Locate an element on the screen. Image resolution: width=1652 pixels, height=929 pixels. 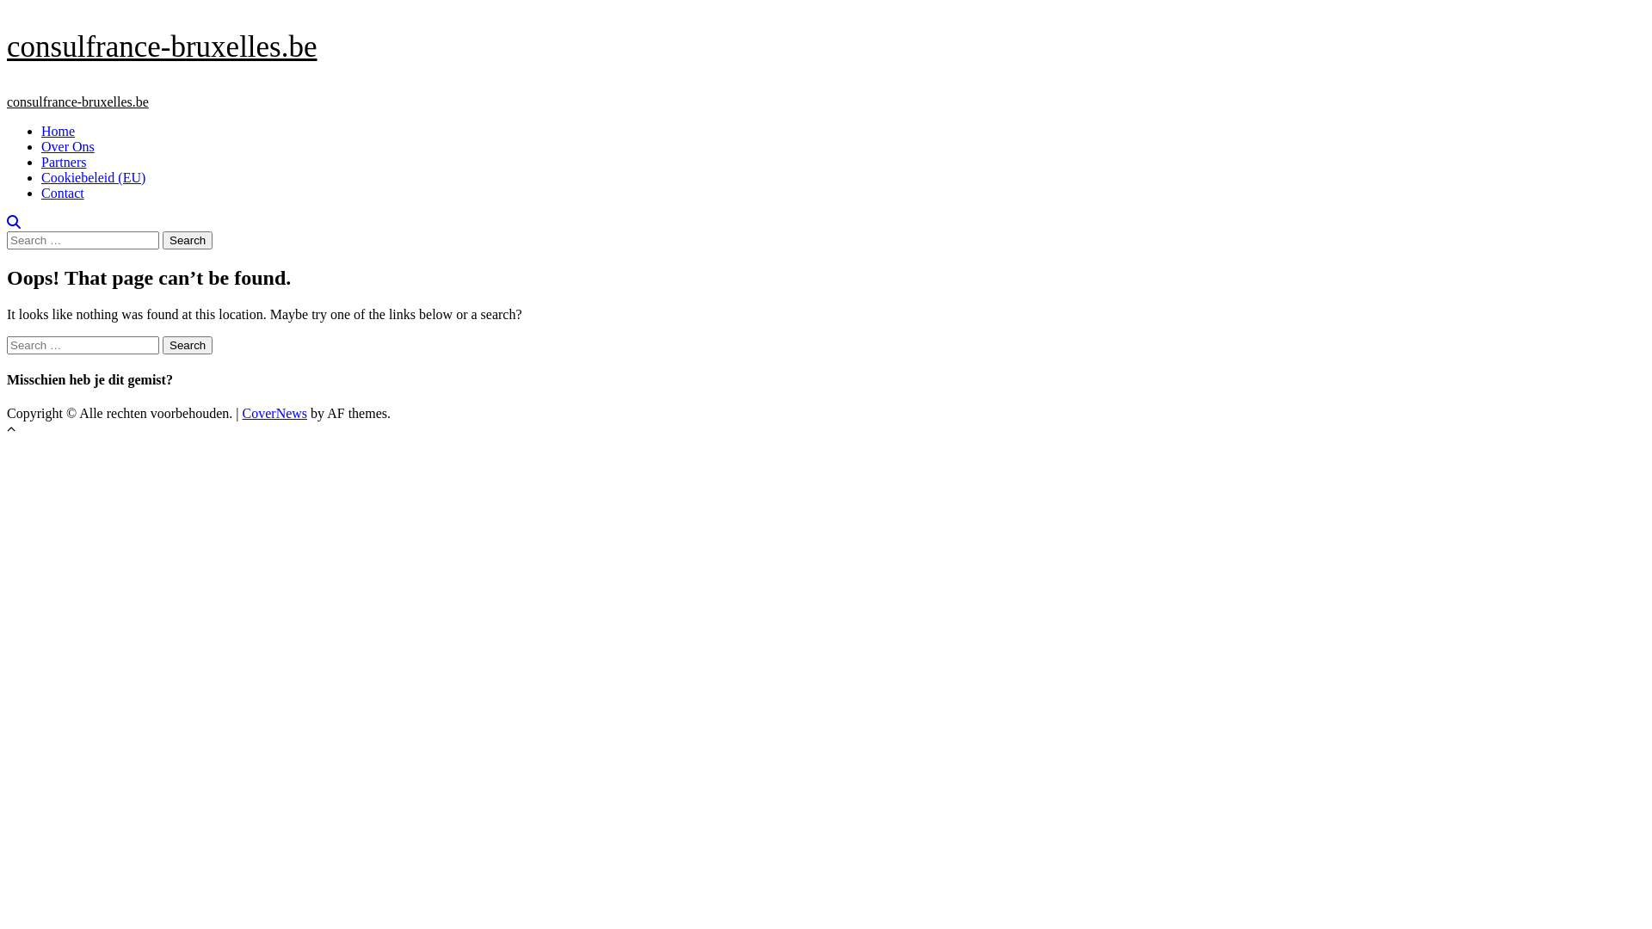
'Search' is located at coordinates (187, 345).